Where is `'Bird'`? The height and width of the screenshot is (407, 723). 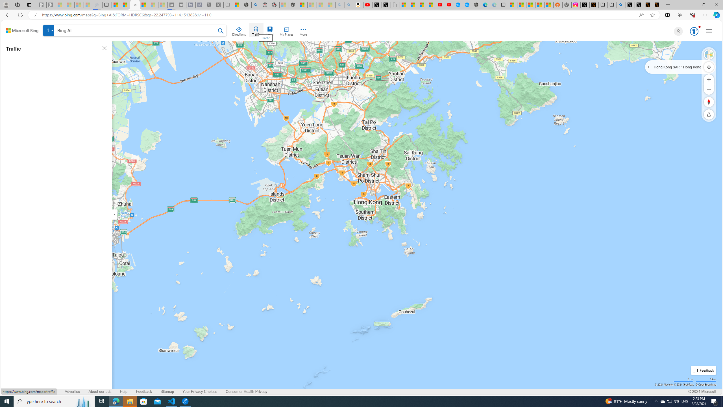 'Bird' is located at coordinates (709, 54).